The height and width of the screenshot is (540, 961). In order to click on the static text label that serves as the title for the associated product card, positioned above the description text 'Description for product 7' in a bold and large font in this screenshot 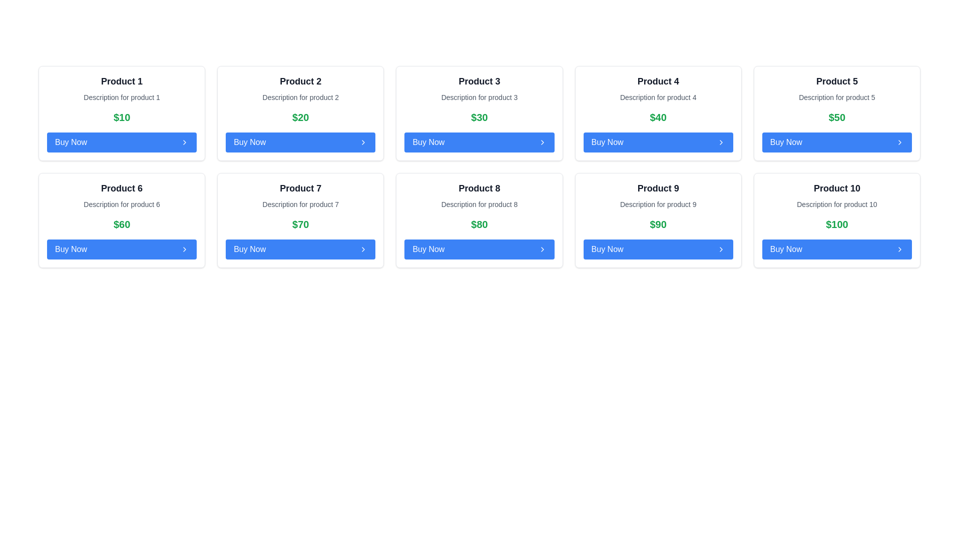, I will do `click(300, 188)`.